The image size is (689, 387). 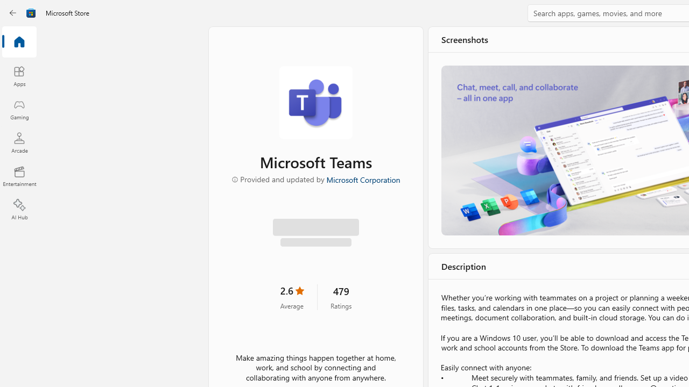 I want to click on 'Microsoft Corporation', so click(x=362, y=178).